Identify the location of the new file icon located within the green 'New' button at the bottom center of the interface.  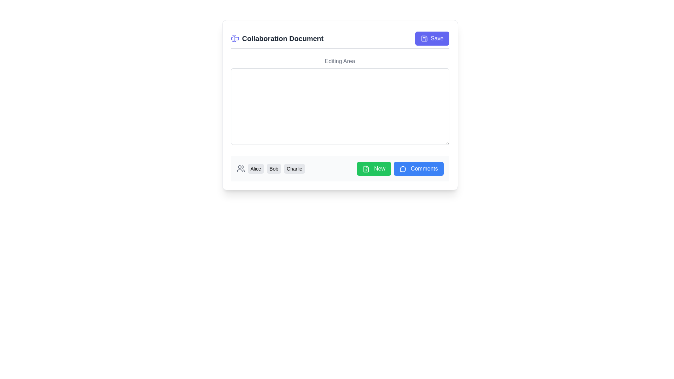
(366, 169).